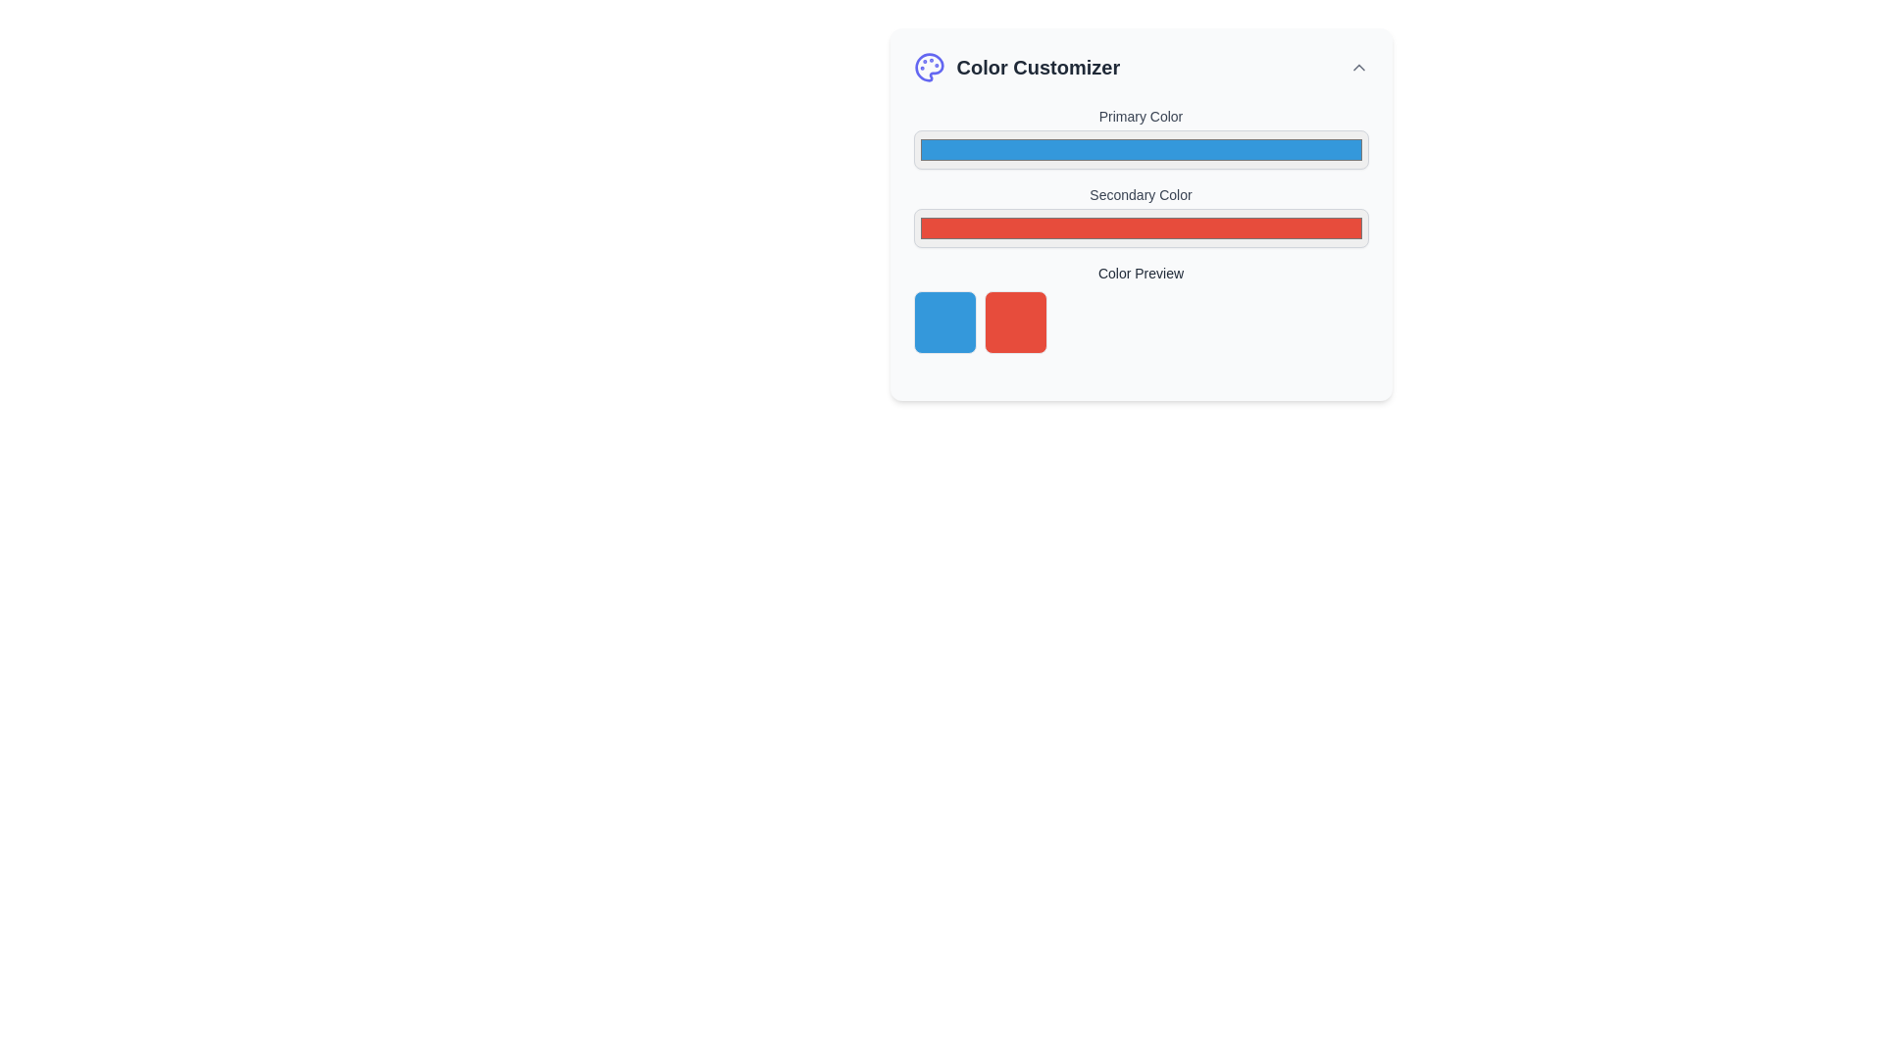 Image resolution: width=1883 pixels, height=1059 pixels. I want to click on the 'Color Customizer' panel, so click(1141, 215).